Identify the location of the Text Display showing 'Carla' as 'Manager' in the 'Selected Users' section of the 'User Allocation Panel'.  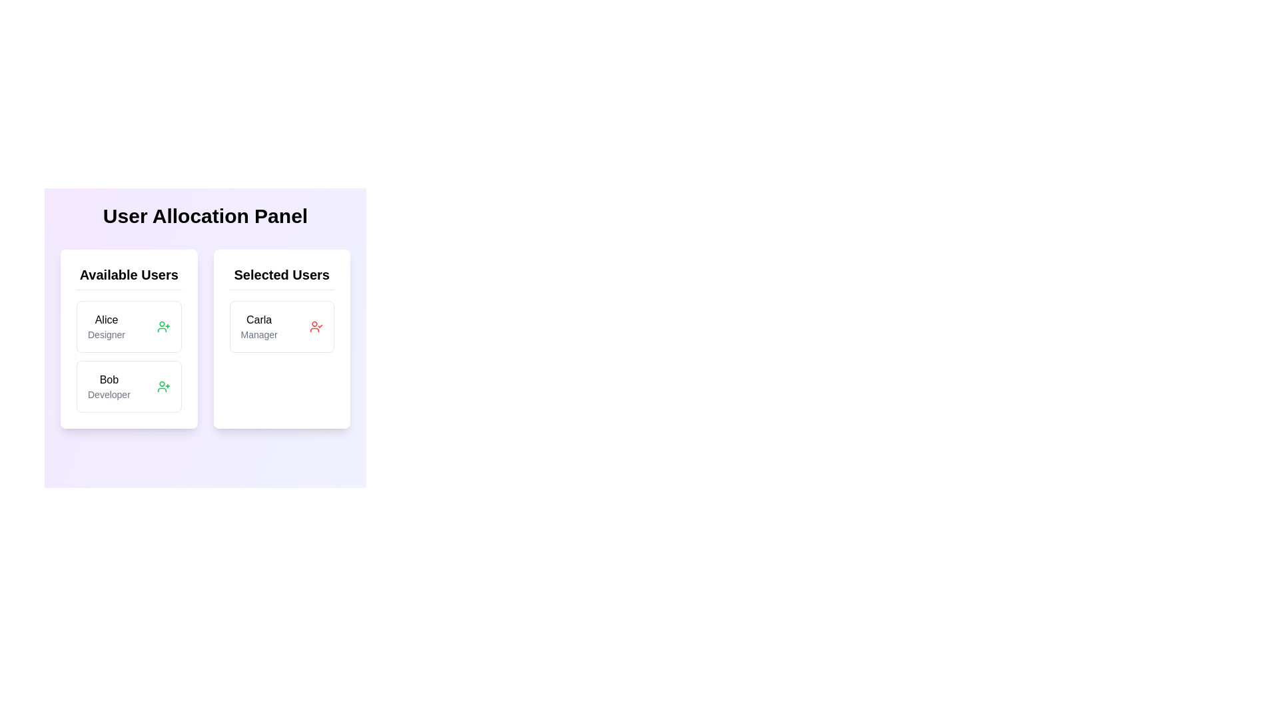
(259, 326).